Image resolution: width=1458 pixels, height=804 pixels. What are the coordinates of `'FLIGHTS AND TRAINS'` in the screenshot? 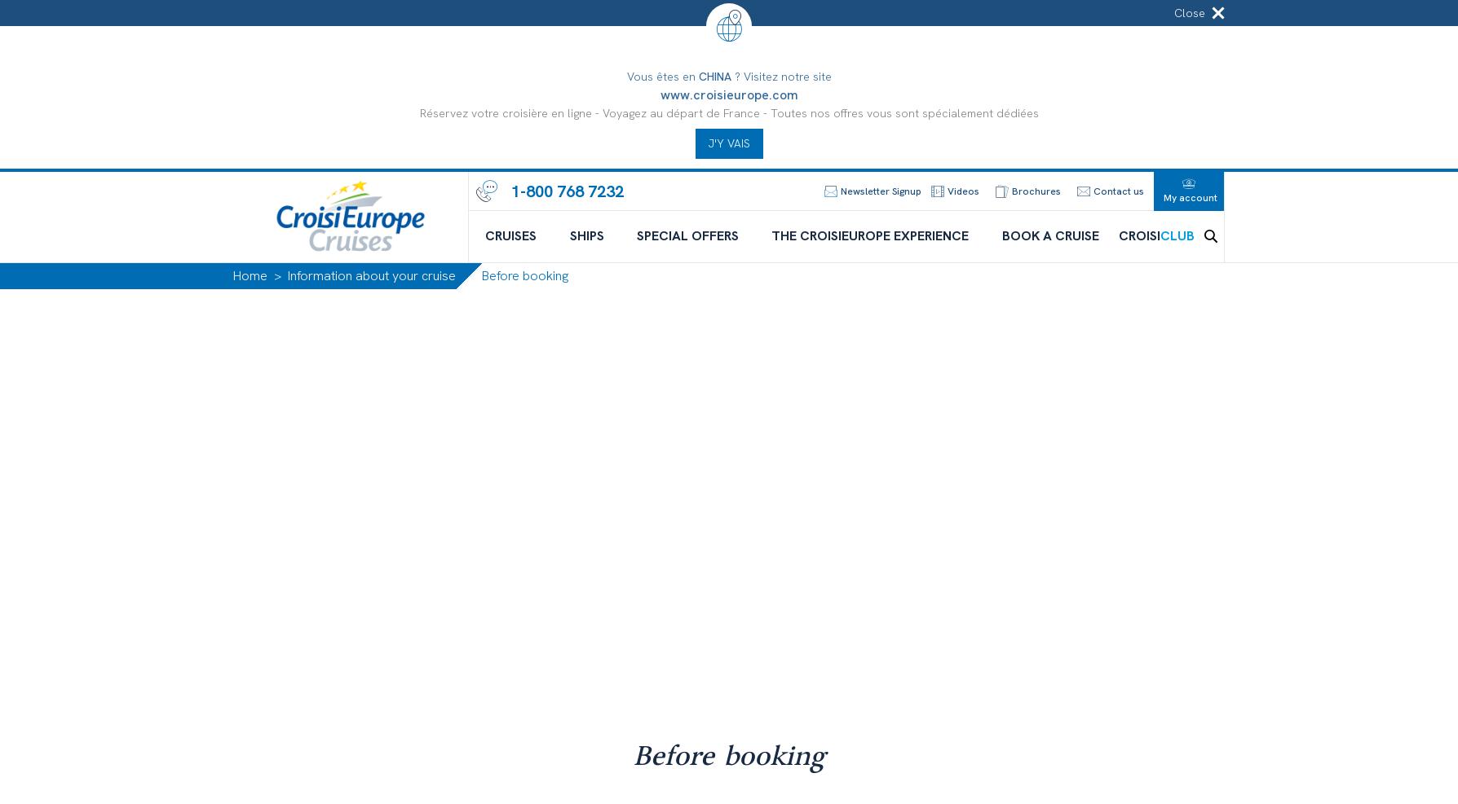 It's located at (419, 584).